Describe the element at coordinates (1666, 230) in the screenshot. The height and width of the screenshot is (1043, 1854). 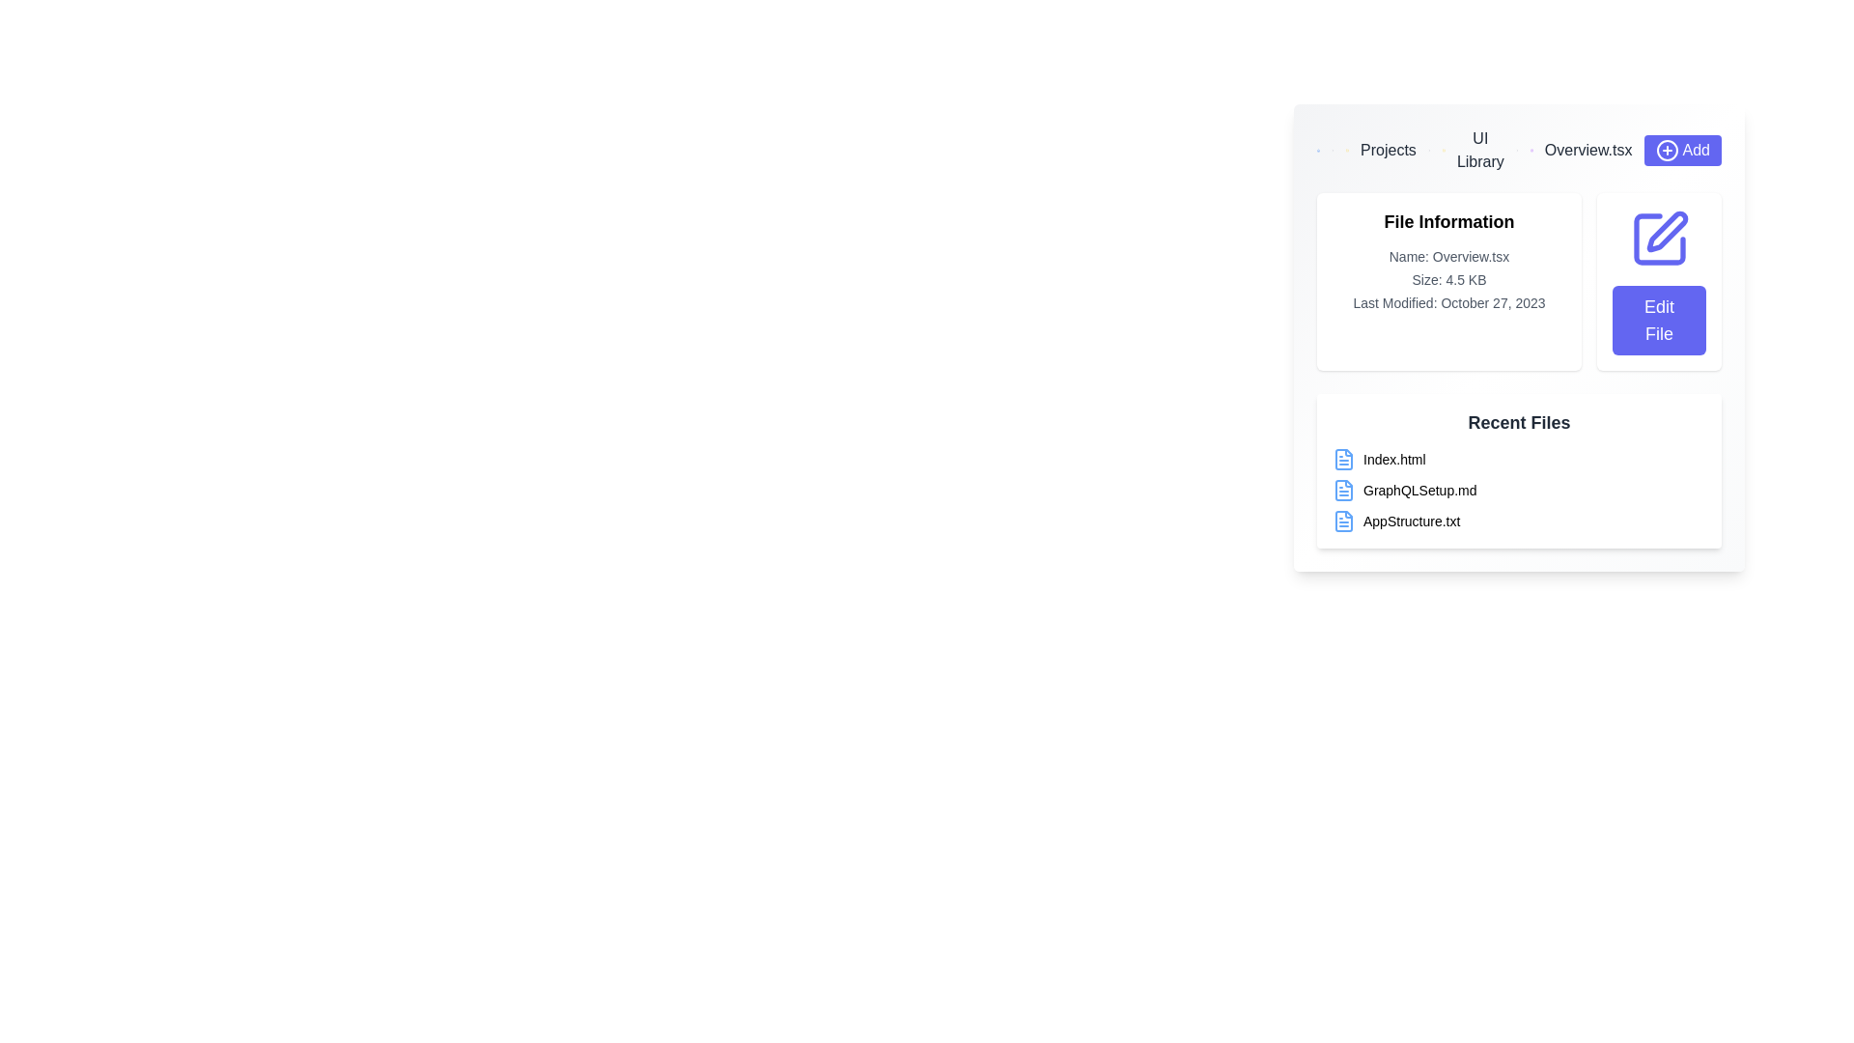
I see `the edit icon located in the top right section of the UI, next to the 'Edit File' button, which visually represents a pen icon for modifying related content` at that location.